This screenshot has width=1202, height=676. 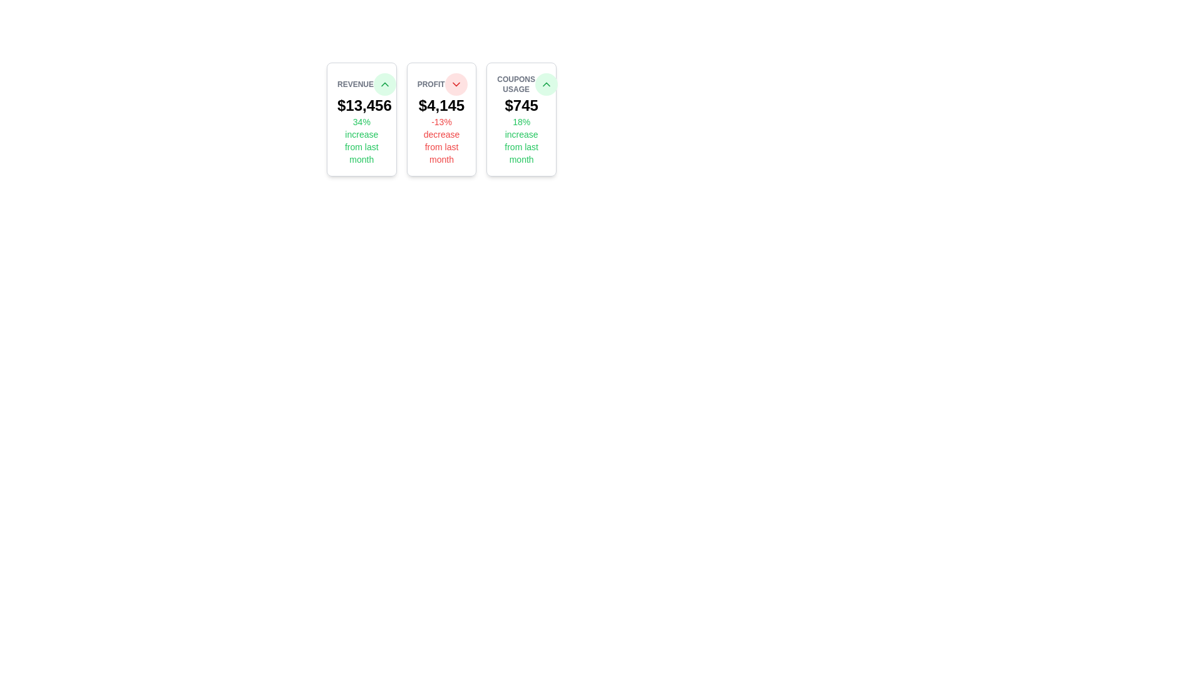 What do you see at coordinates (516, 84) in the screenshot?
I see `the Static Text Label displaying 'COUPONS USAGE' at the top left of the third card in a horizontal row of cards` at bounding box center [516, 84].